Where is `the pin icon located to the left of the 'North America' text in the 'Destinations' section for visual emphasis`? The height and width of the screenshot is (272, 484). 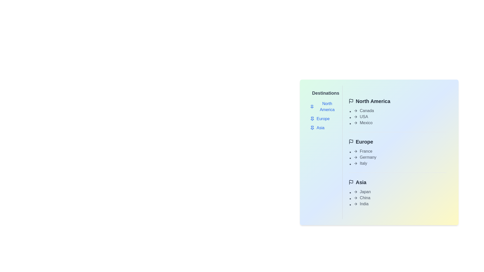
the pin icon located to the left of the 'North America' text in the 'Destinations' section for visual emphasis is located at coordinates (312, 107).